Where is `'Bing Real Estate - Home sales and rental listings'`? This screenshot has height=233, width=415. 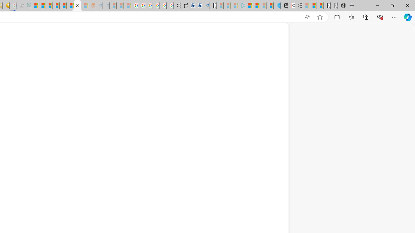 'Bing Real Estate - Home sales and rental listings' is located at coordinates (205, 6).